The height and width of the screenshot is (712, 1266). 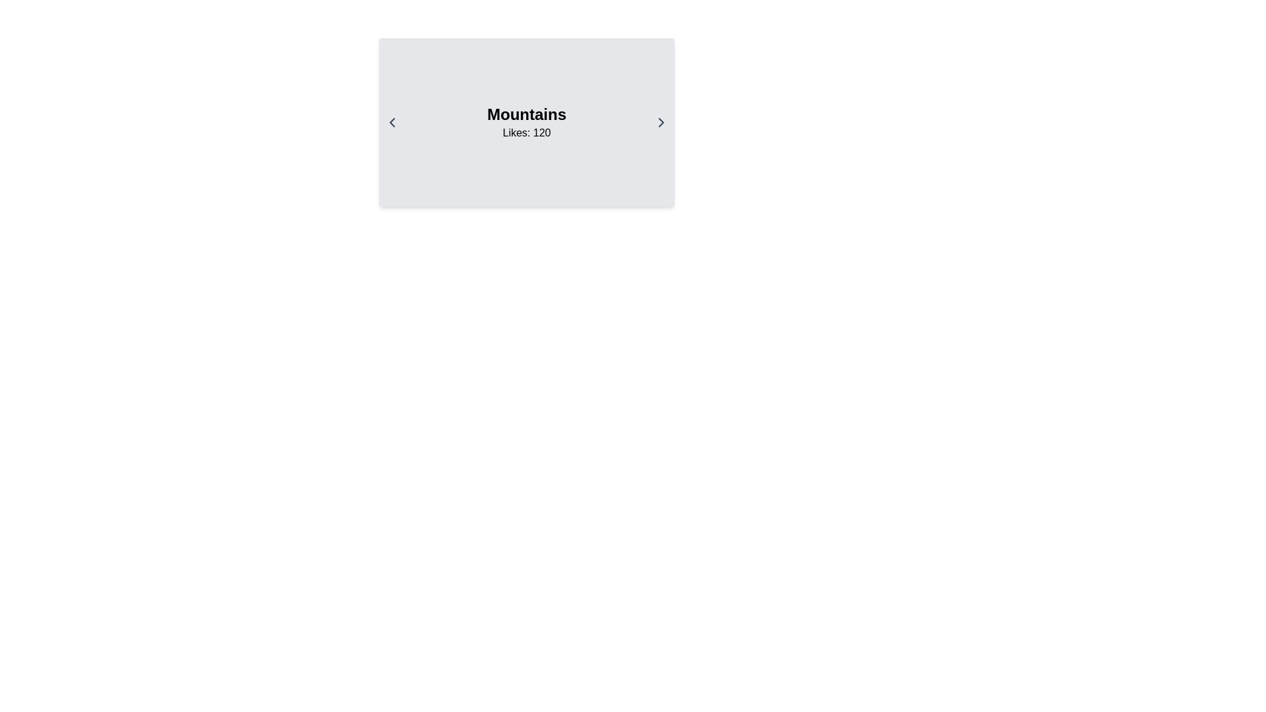 What do you see at coordinates (526, 133) in the screenshot?
I see `the text label displaying 'Likes: 120' located beneath the 'Mountains' title` at bounding box center [526, 133].